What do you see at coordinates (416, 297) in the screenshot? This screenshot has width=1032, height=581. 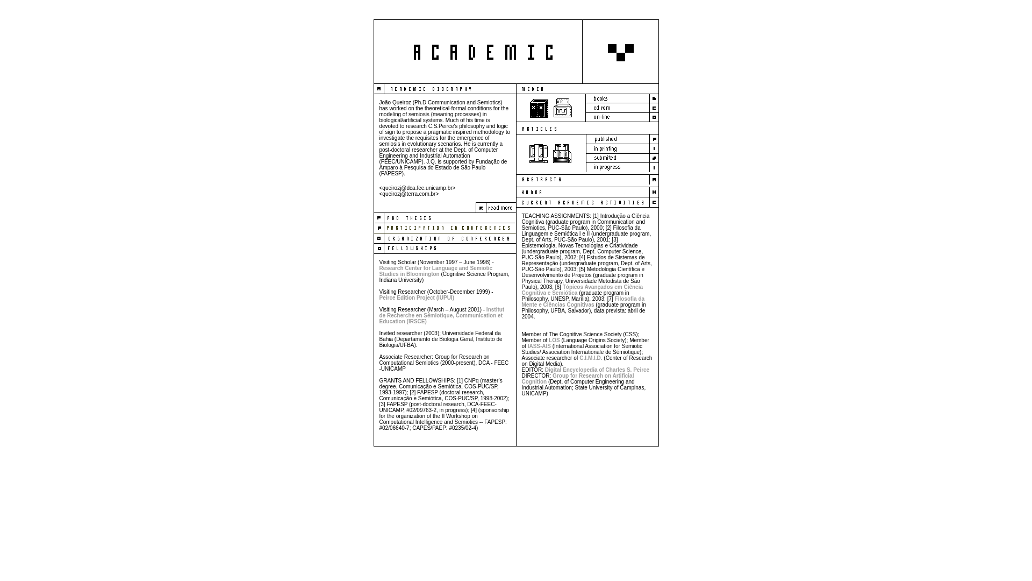 I see `'Peirce Edition Project (IUPUI)'` at bounding box center [416, 297].